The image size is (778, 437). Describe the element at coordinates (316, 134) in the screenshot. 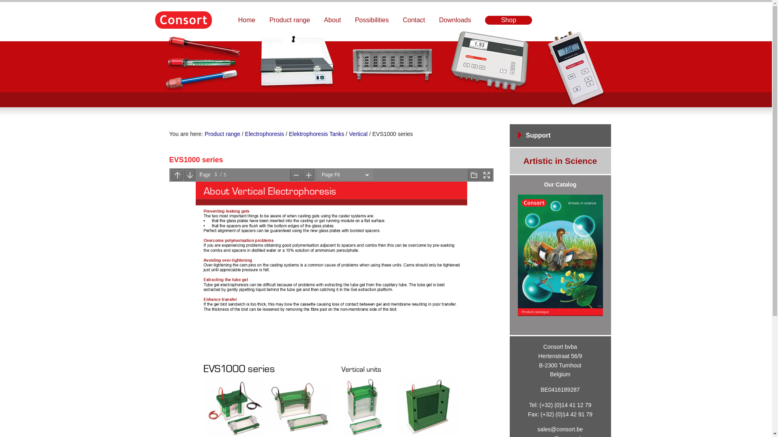

I see `'Elektrophoresis Tanks'` at that location.